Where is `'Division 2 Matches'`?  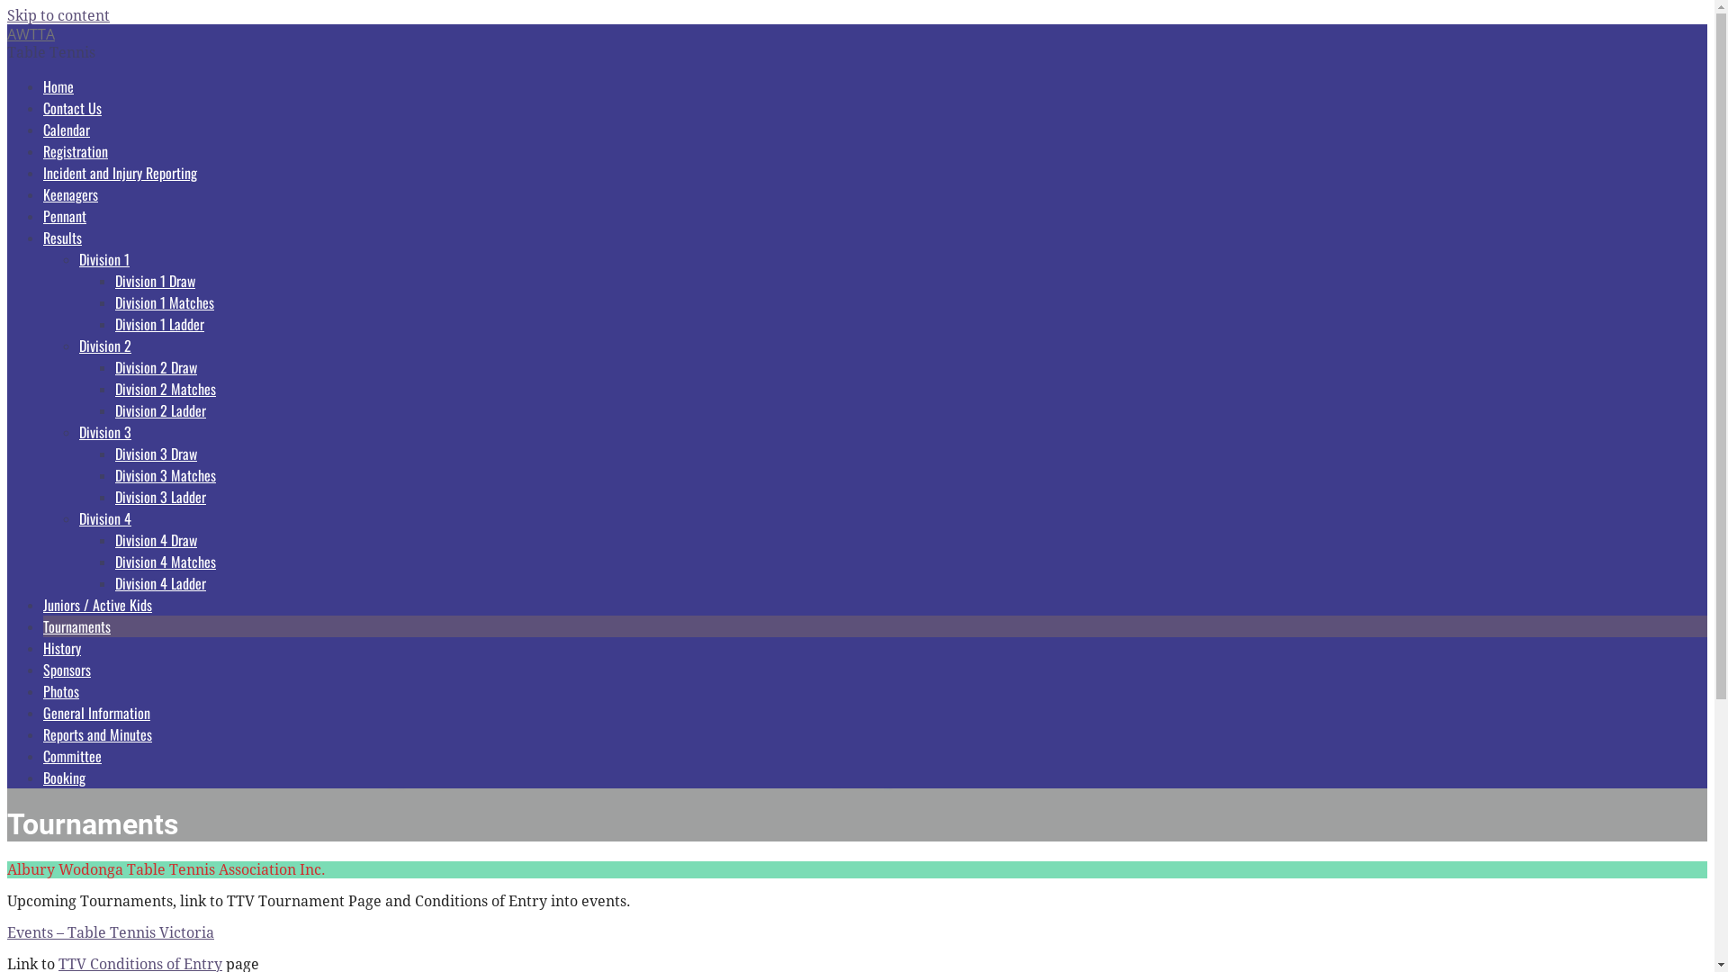
'Division 2 Matches' is located at coordinates (114, 388).